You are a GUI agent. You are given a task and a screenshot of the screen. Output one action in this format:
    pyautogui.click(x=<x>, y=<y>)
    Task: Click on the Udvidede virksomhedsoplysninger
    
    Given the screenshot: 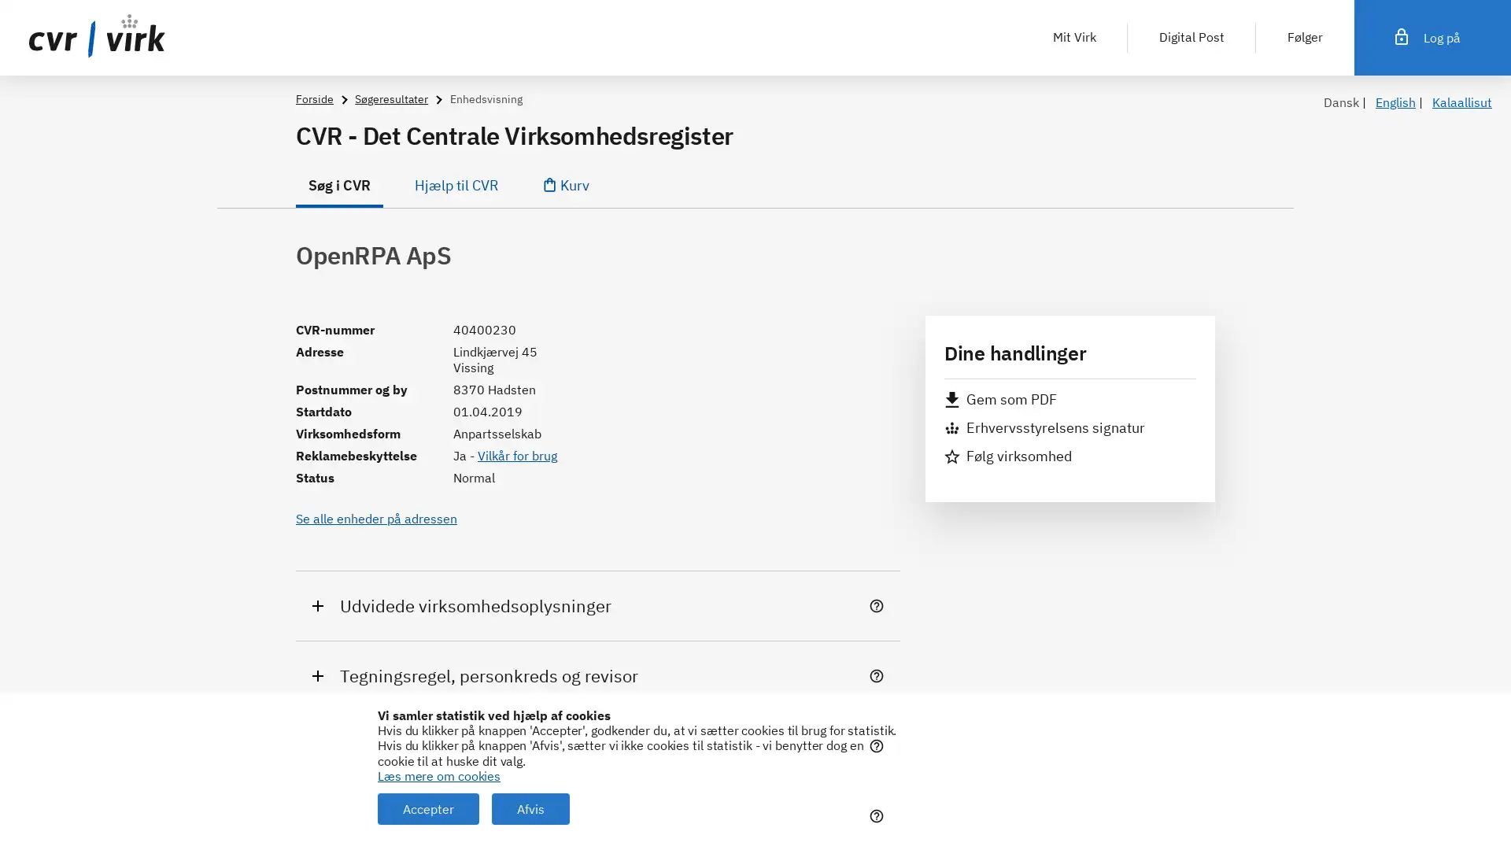 What is the action you would take?
    pyautogui.click(x=597, y=604)
    